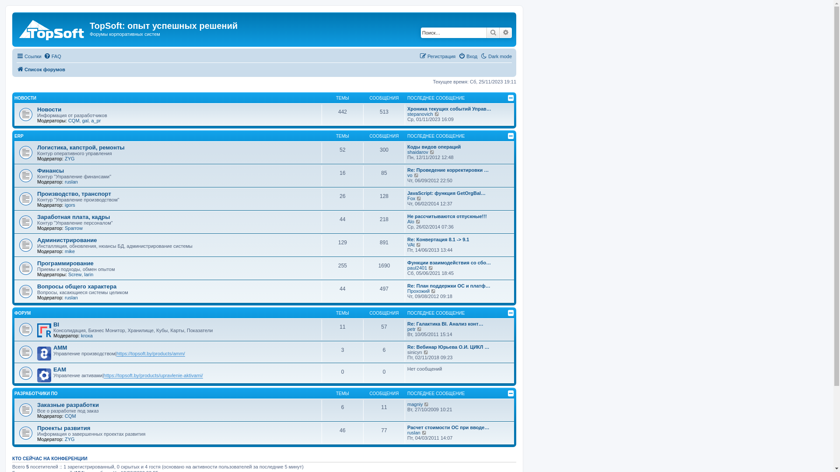  Describe the element at coordinates (69, 251) in the screenshot. I see `'mike'` at that location.